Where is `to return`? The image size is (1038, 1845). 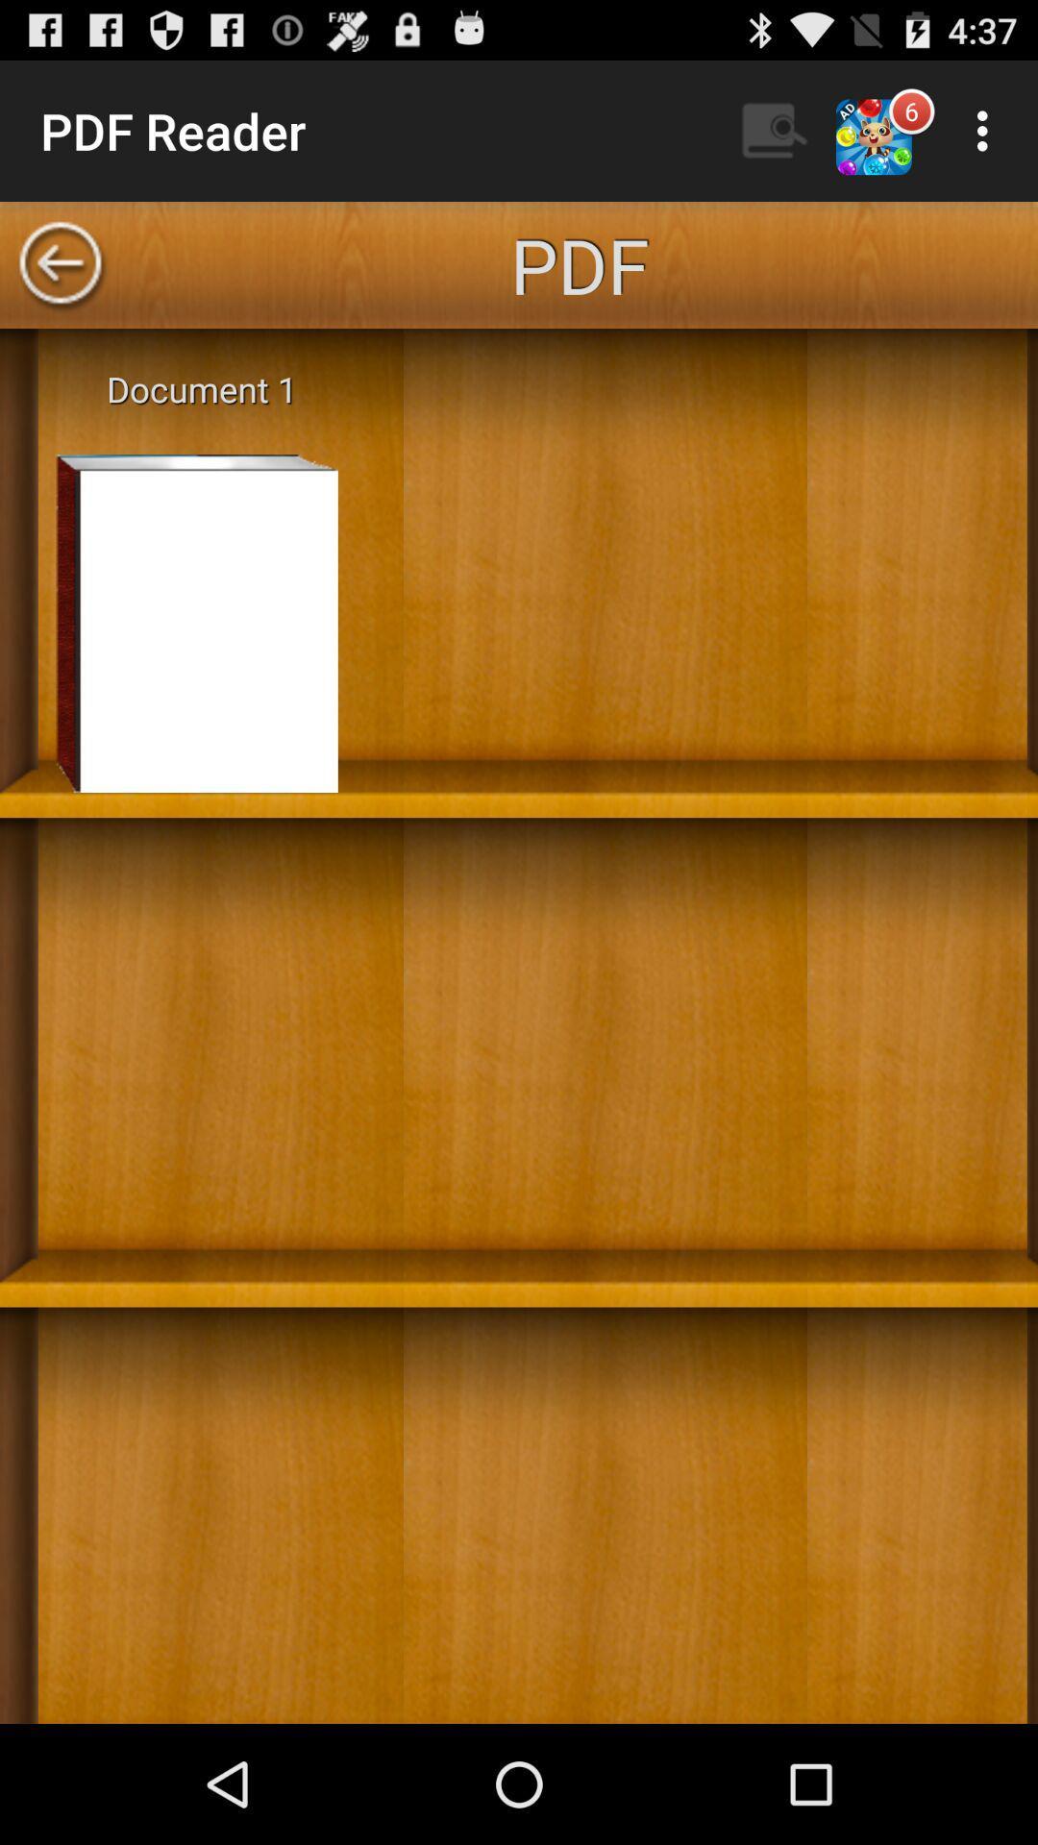 to return is located at coordinates (59, 263).